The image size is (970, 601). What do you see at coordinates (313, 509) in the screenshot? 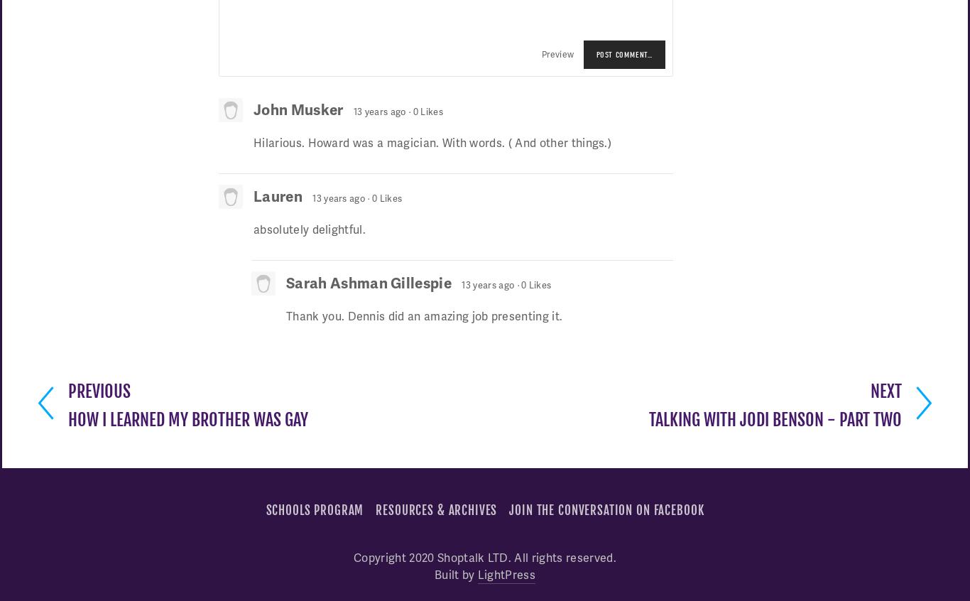
I see `'Schools Program'` at bounding box center [313, 509].